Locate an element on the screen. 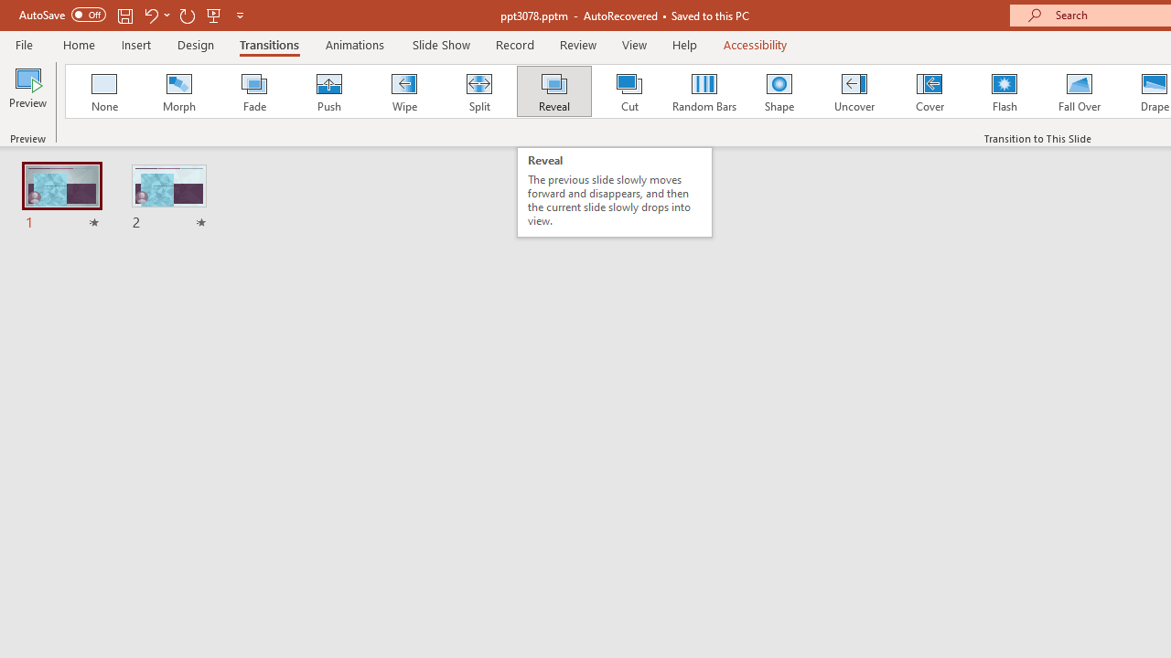 This screenshot has width=1171, height=658. 'Shape' is located at coordinates (779, 91).